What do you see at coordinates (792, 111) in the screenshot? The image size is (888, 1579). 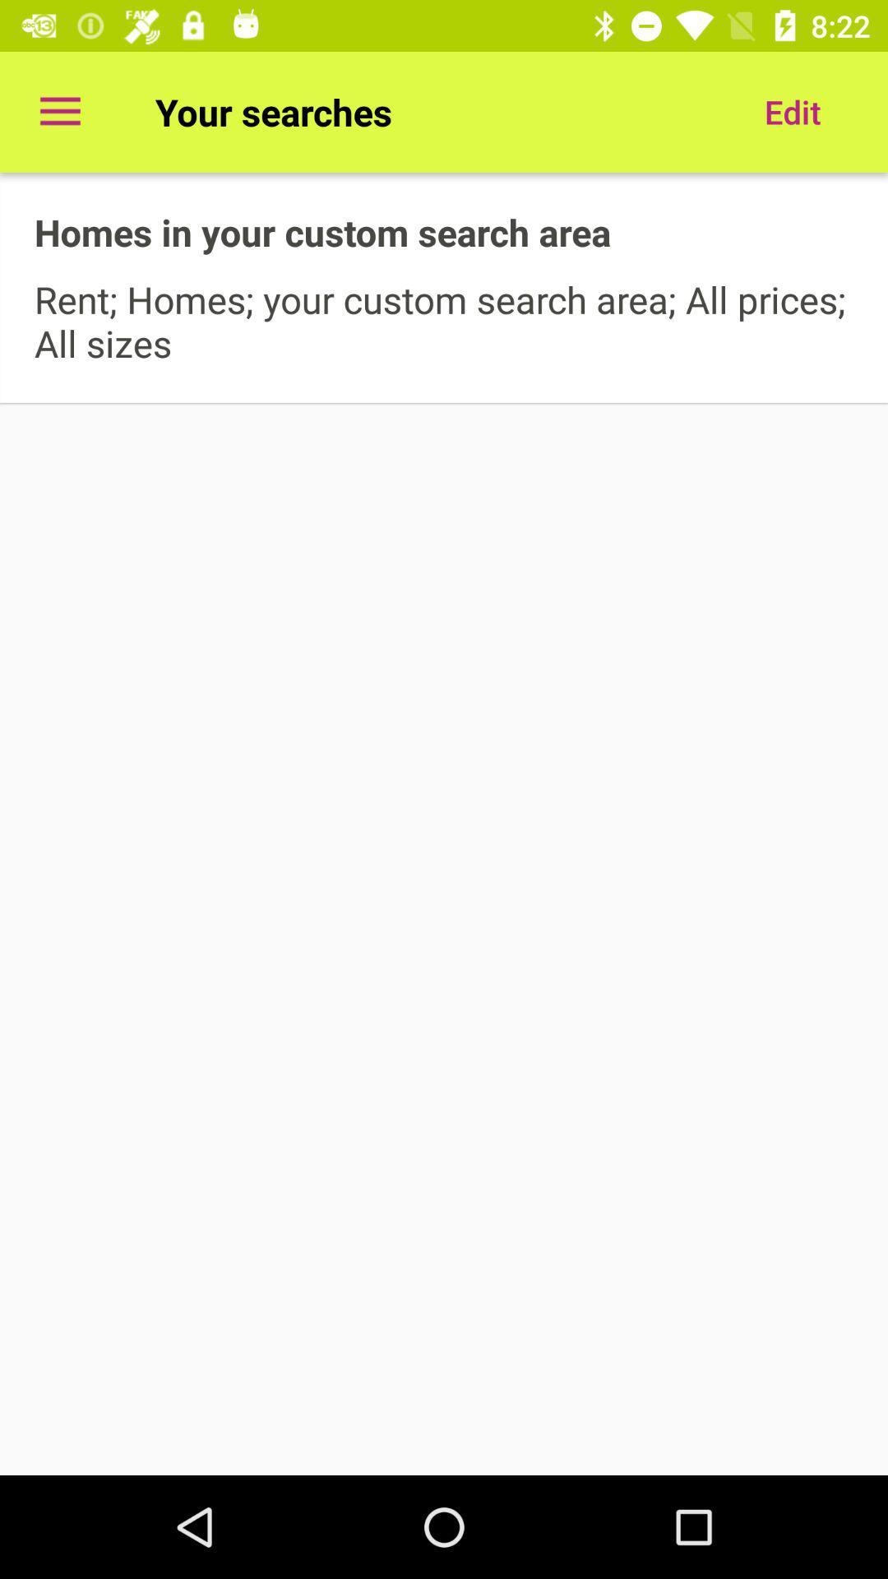 I see `the edit` at bounding box center [792, 111].